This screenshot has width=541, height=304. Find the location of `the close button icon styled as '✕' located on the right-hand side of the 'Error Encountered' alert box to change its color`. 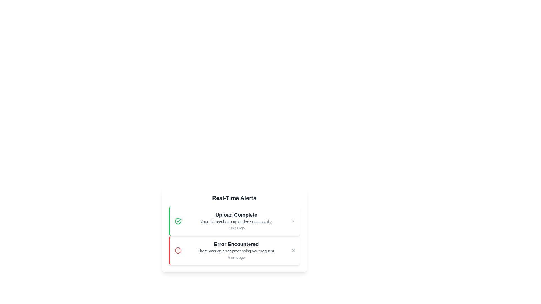

the close button icon styled as '✕' located on the right-hand side of the 'Error Encountered' alert box to change its color is located at coordinates (293, 250).